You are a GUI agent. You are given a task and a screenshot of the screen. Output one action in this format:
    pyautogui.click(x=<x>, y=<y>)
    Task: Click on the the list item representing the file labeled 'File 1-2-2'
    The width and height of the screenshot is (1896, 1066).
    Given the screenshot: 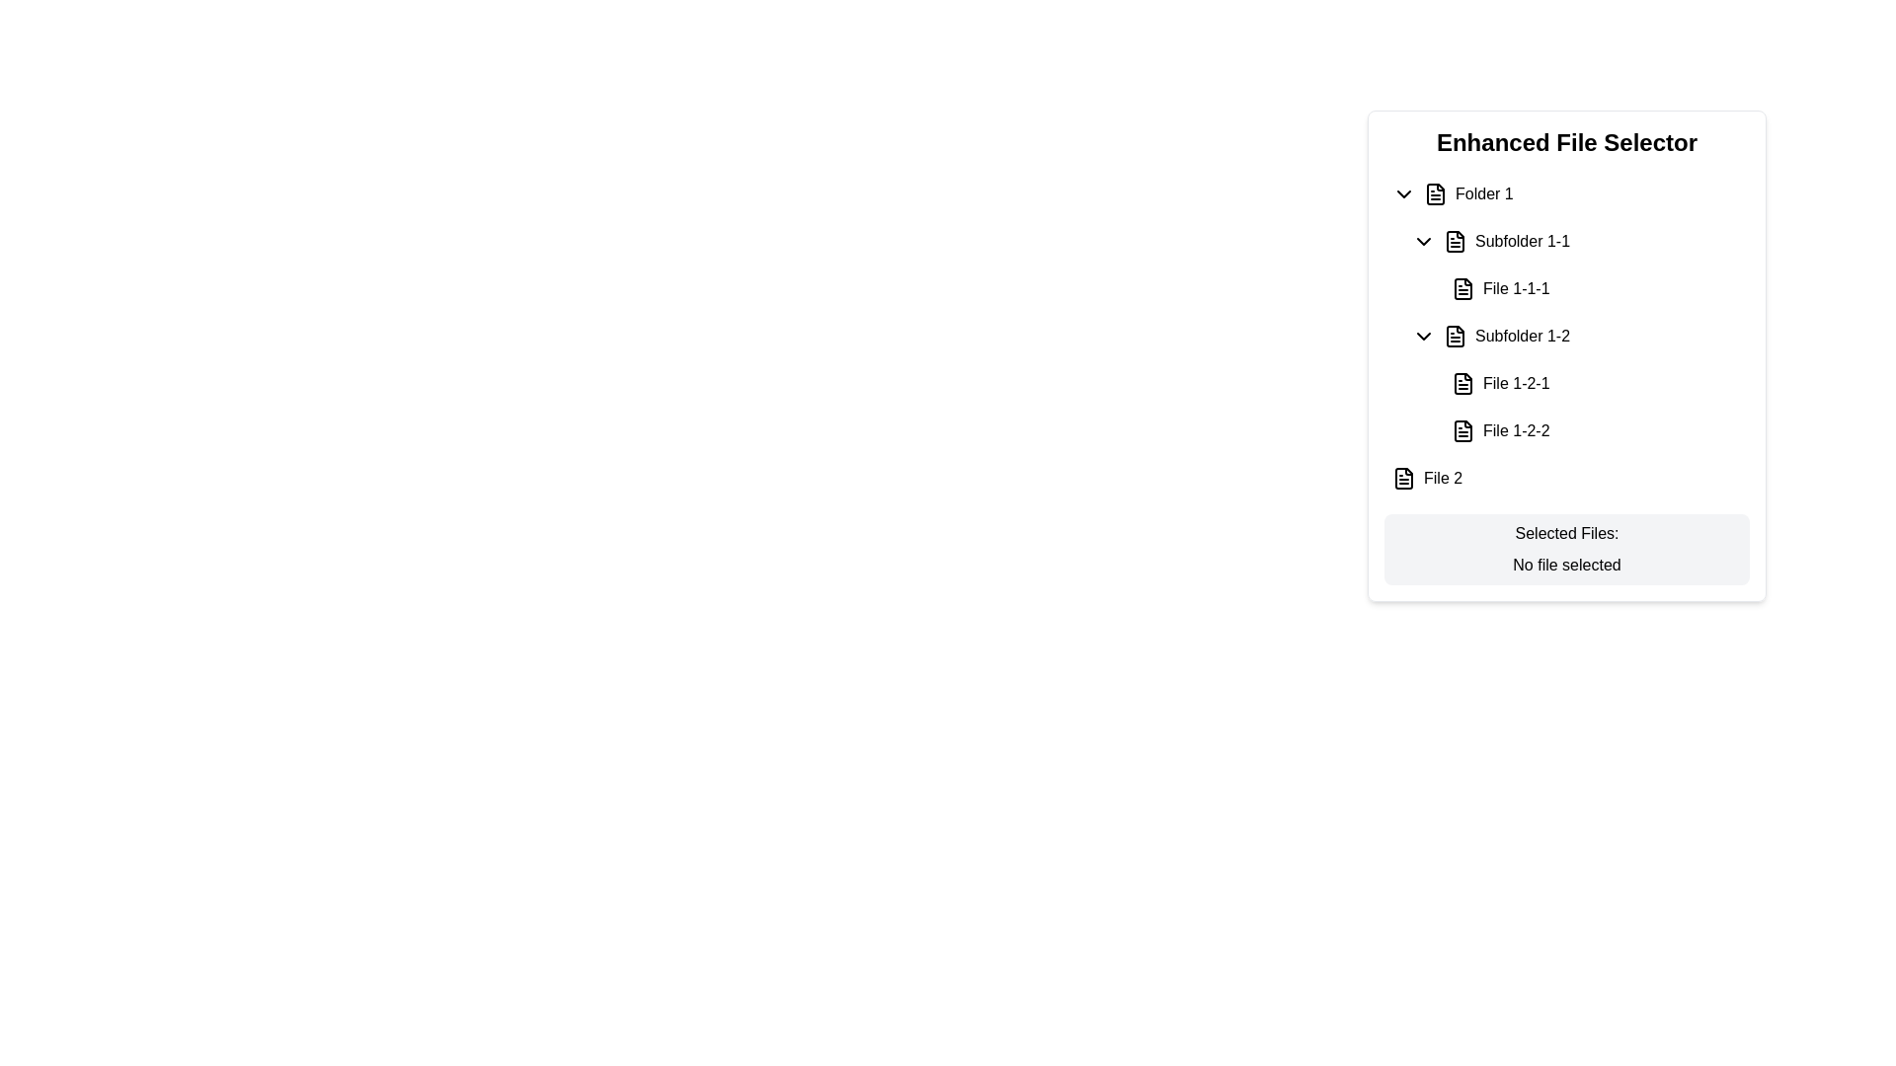 What is the action you would take?
    pyautogui.click(x=1597, y=429)
    